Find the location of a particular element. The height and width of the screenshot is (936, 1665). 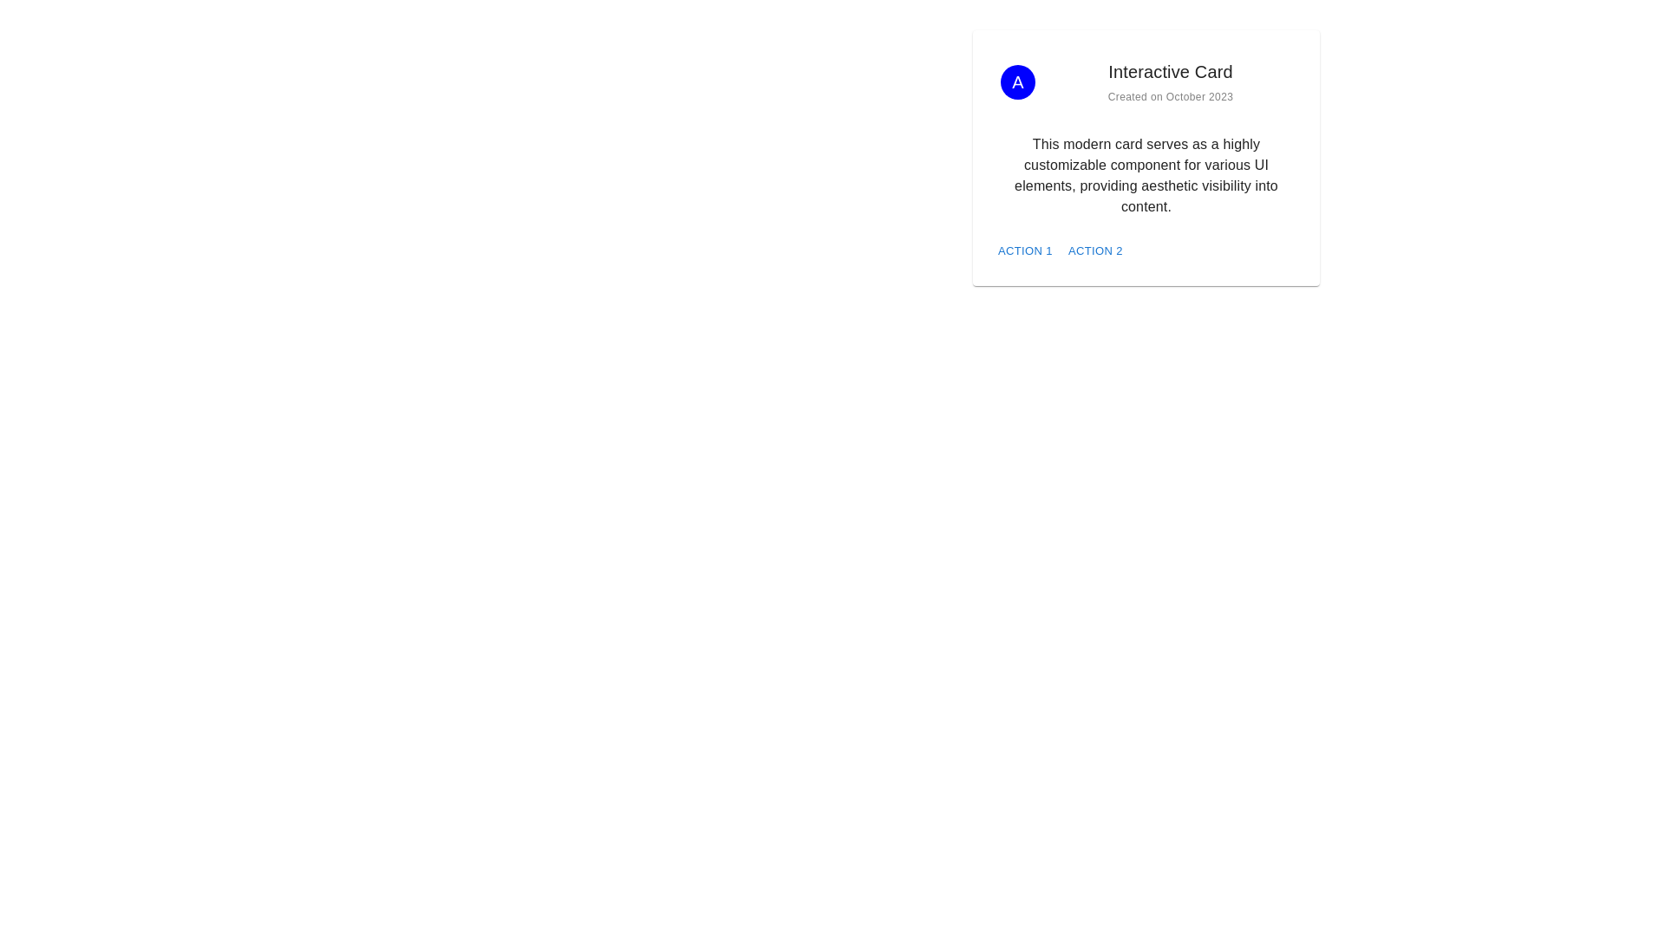

the 'Action 2' button, which is a small button with blue text on a white background located at the bottom-right of the card interface is located at coordinates (1094, 251).